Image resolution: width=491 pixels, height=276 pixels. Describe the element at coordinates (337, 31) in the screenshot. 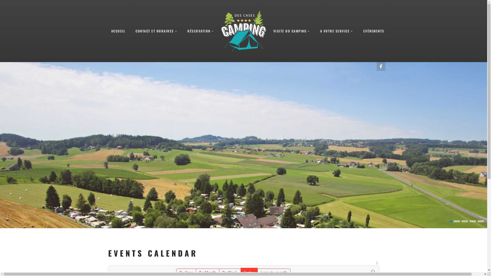

I see `'A VOTRE SERVICE'` at that location.